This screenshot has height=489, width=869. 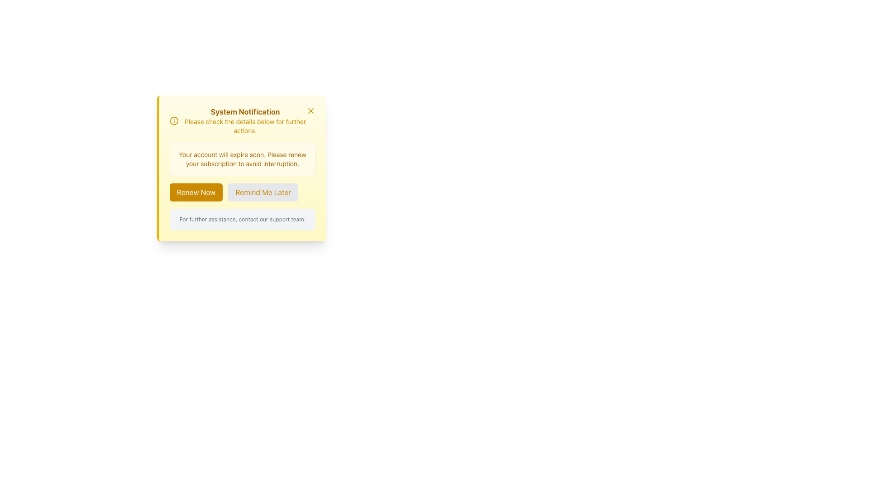 I want to click on the close button for the notification panel, located at the top-right corner, to alter its visual appearance, so click(x=310, y=110).